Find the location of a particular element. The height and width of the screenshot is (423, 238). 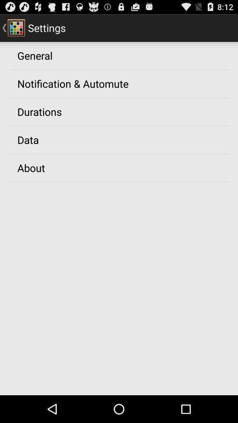

the about app is located at coordinates (30, 167).